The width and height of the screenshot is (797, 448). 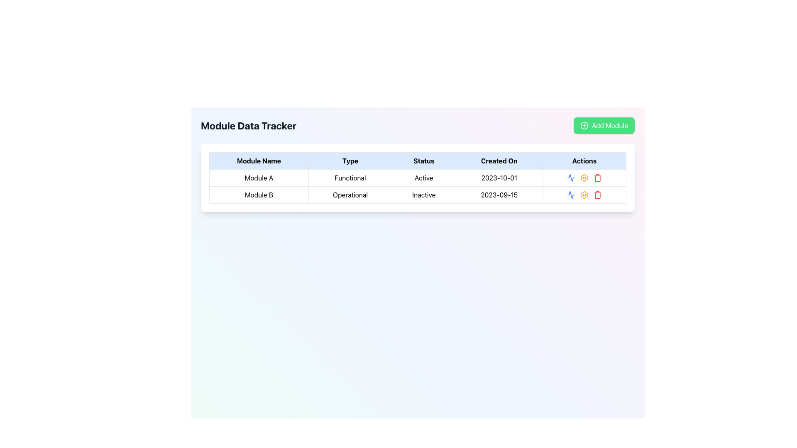 What do you see at coordinates (418, 195) in the screenshot?
I see `the second row of the tabular layout under the 'Module Data Tracker' section` at bounding box center [418, 195].